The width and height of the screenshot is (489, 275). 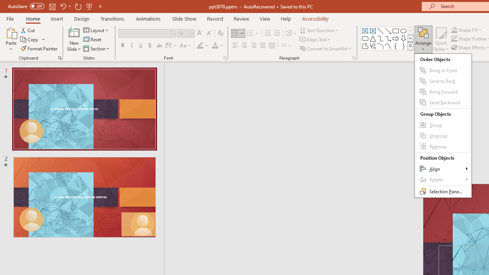 What do you see at coordinates (380, 38) in the screenshot?
I see `'Connector: Elbow'` at bounding box center [380, 38].